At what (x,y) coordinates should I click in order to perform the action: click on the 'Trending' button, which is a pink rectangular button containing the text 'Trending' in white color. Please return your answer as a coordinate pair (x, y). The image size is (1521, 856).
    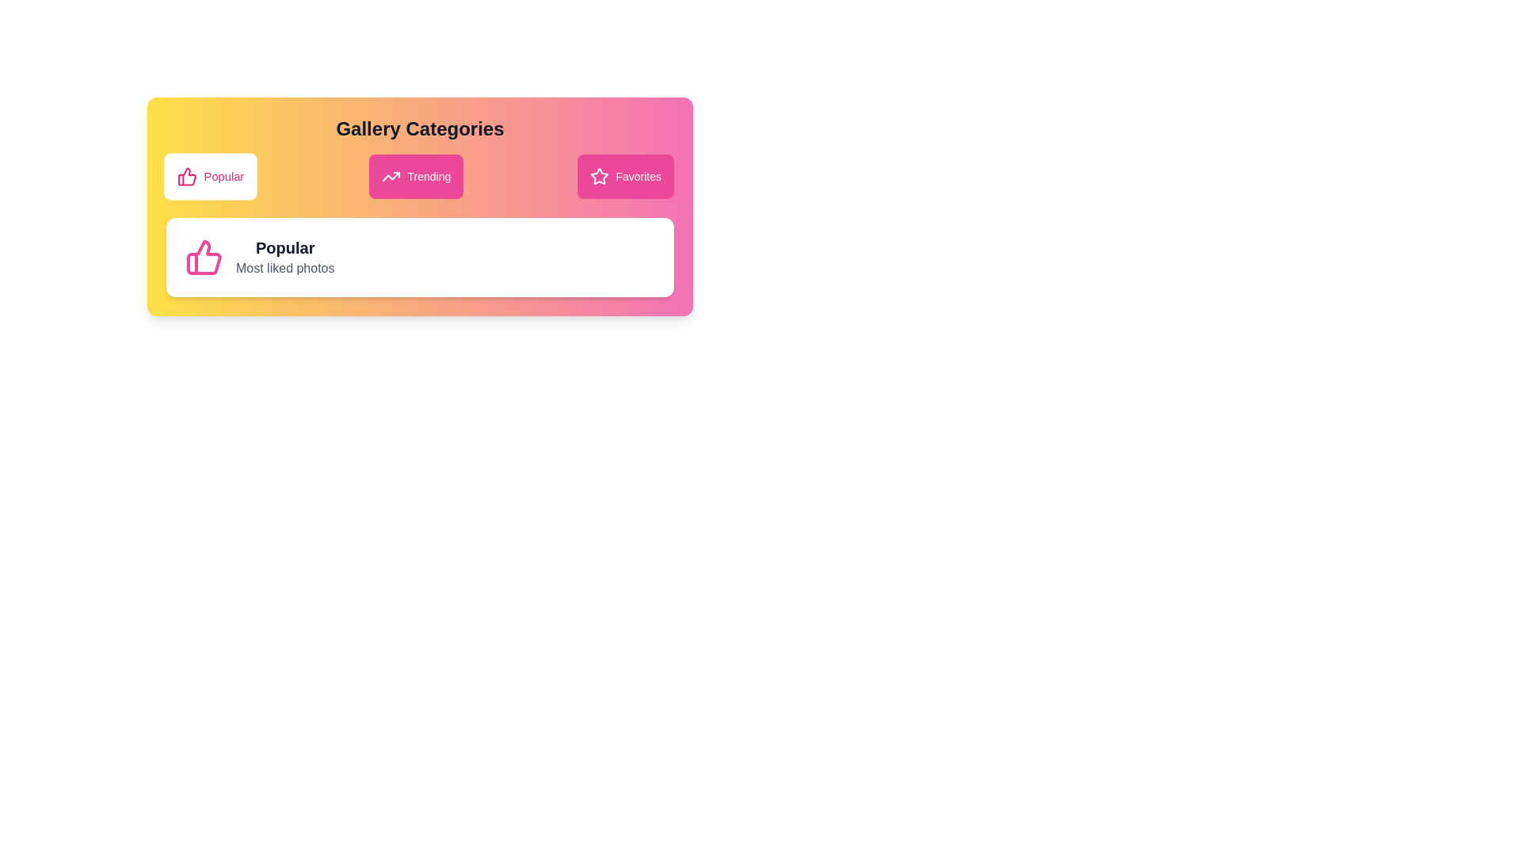
    Looking at the image, I should click on (429, 177).